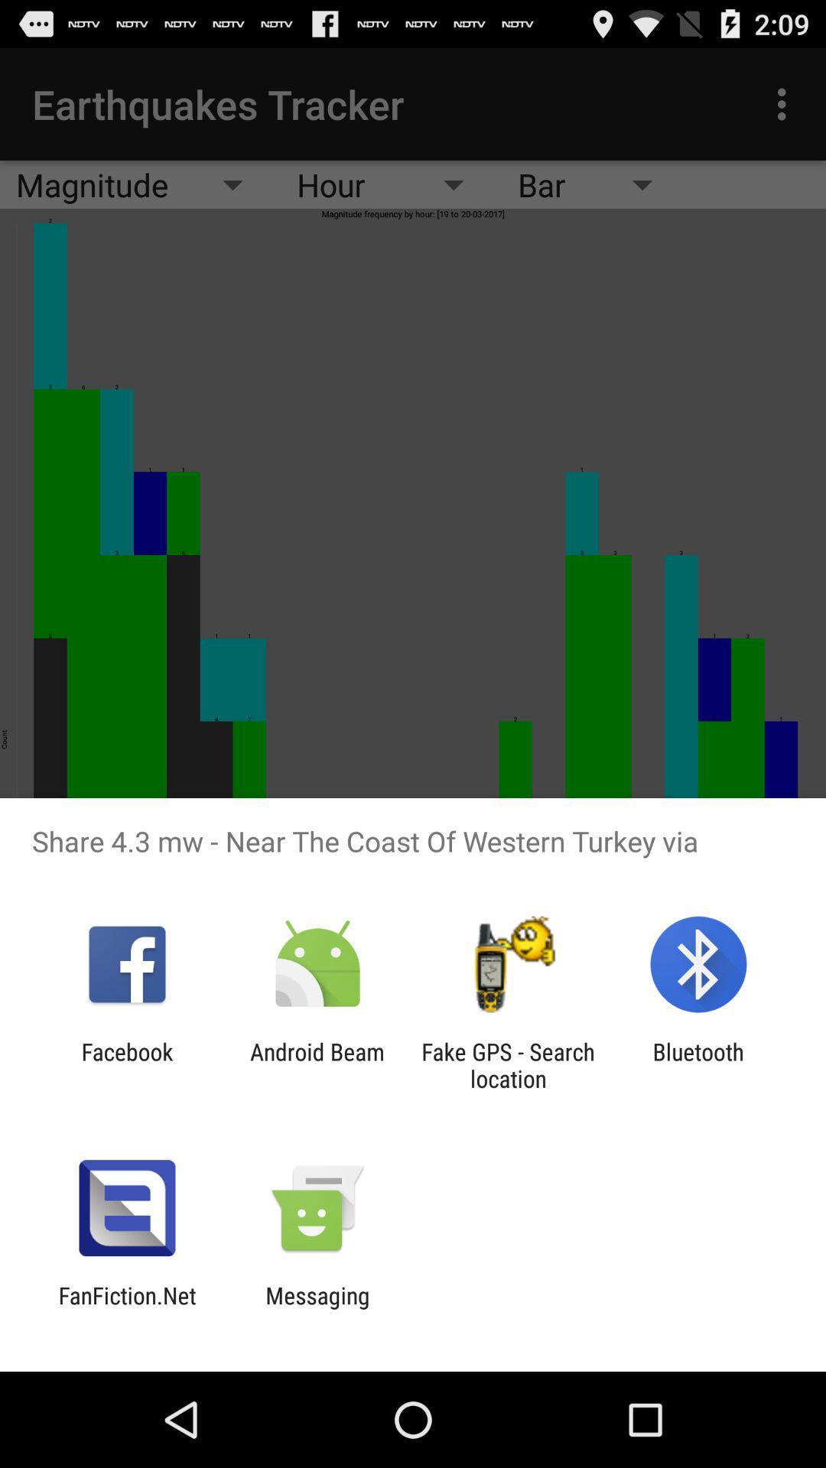 The width and height of the screenshot is (826, 1468). Describe the element at coordinates (126, 1308) in the screenshot. I see `the fanfiction.net` at that location.